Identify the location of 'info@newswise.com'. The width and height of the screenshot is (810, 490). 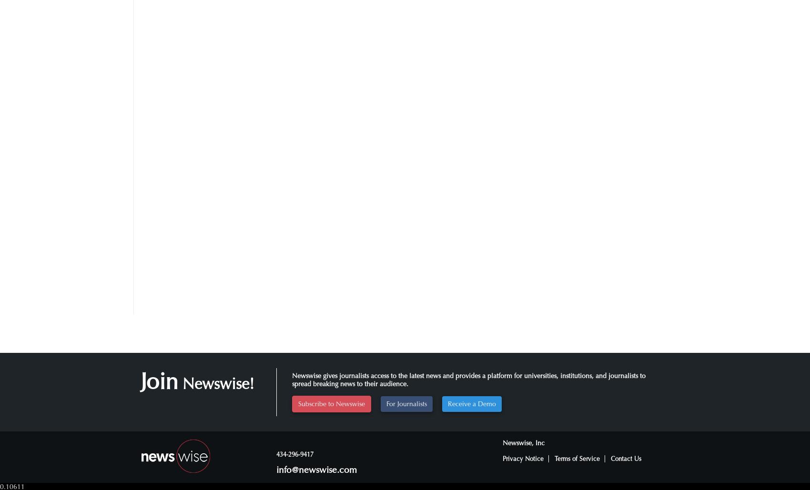
(316, 469).